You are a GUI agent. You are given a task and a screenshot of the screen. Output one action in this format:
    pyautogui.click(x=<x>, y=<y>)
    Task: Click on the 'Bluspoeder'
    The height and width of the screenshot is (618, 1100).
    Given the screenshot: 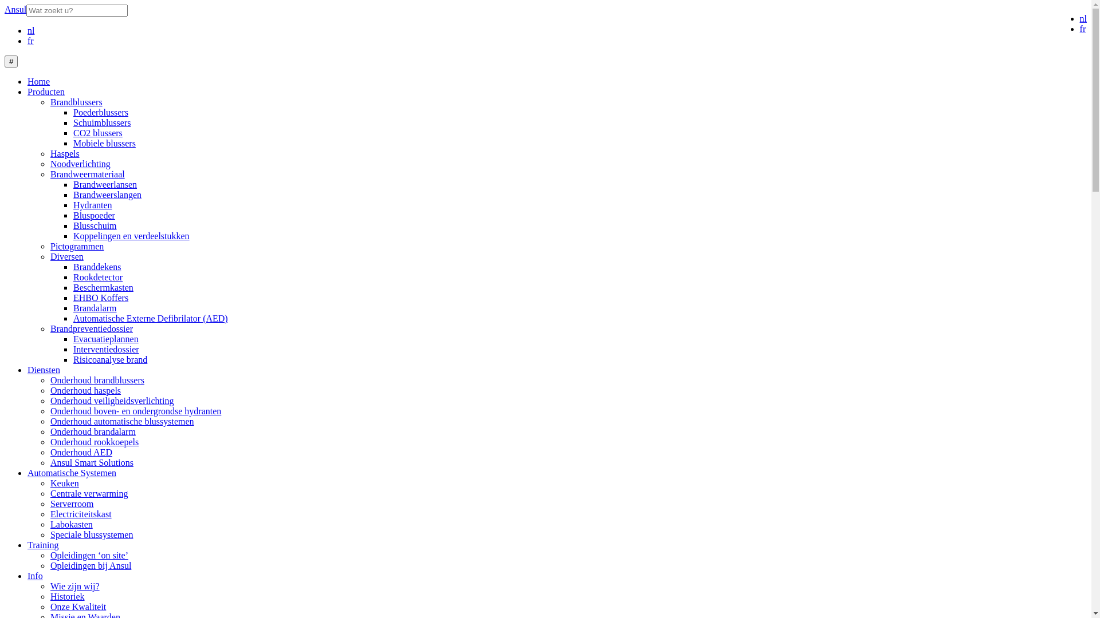 What is the action you would take?
    pyautogui.click(x=94, y=215)
    